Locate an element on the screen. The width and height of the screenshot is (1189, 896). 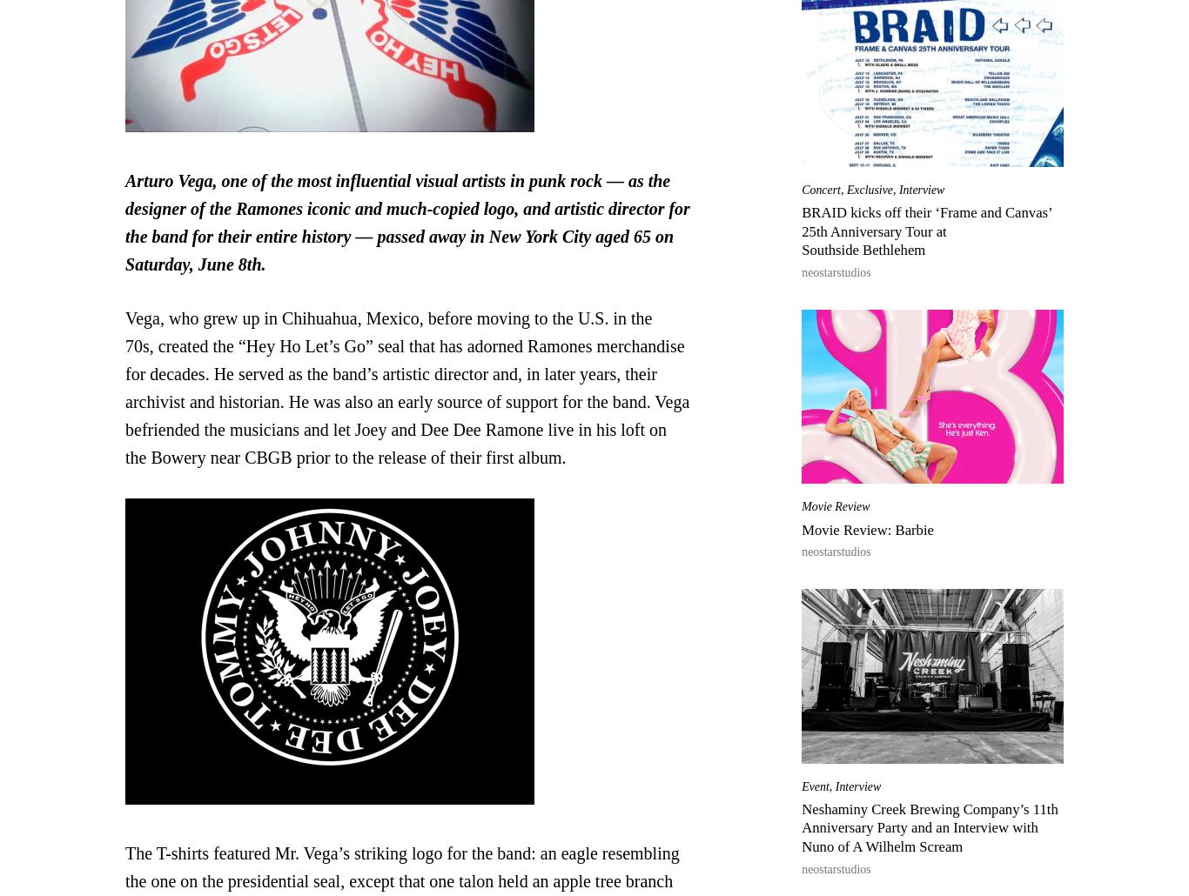
'BRAID kicks off their ‘Frame and Canvas’ 25th Anniversary Tour at Southside Bethlehem' is located at coordinates (925, 231).